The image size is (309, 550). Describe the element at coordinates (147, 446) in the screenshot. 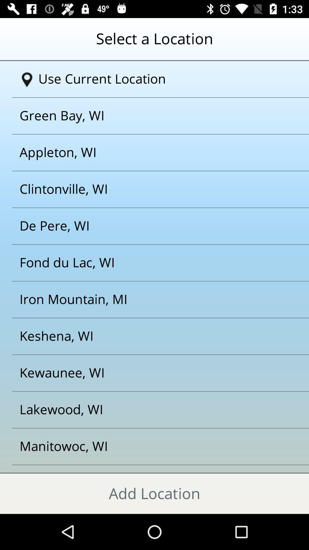

I see `the text manitowocwi` at that location.